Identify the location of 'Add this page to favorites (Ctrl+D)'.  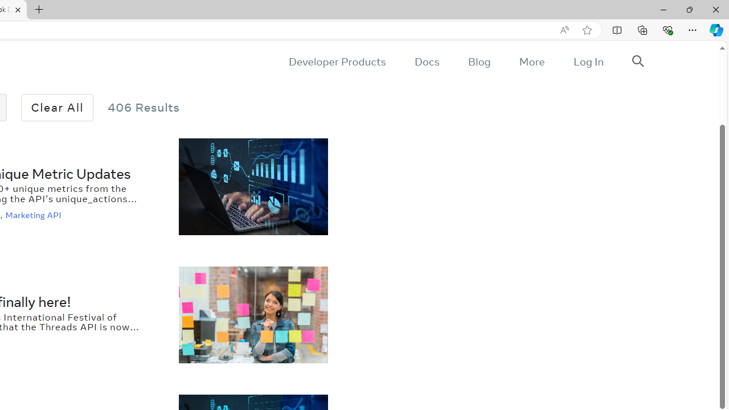
(587, 30).